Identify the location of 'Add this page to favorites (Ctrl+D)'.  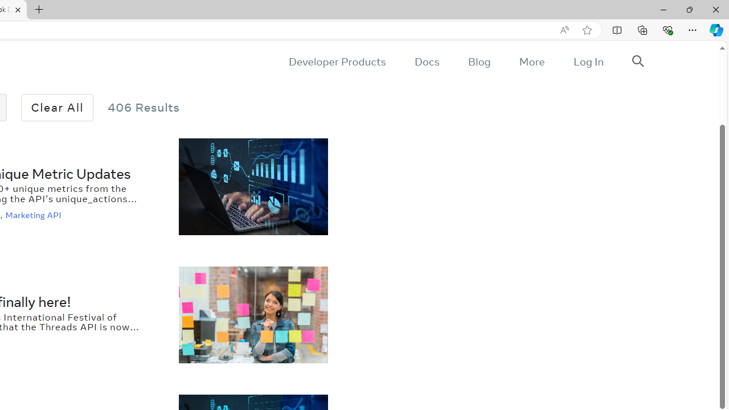
(587, 30).